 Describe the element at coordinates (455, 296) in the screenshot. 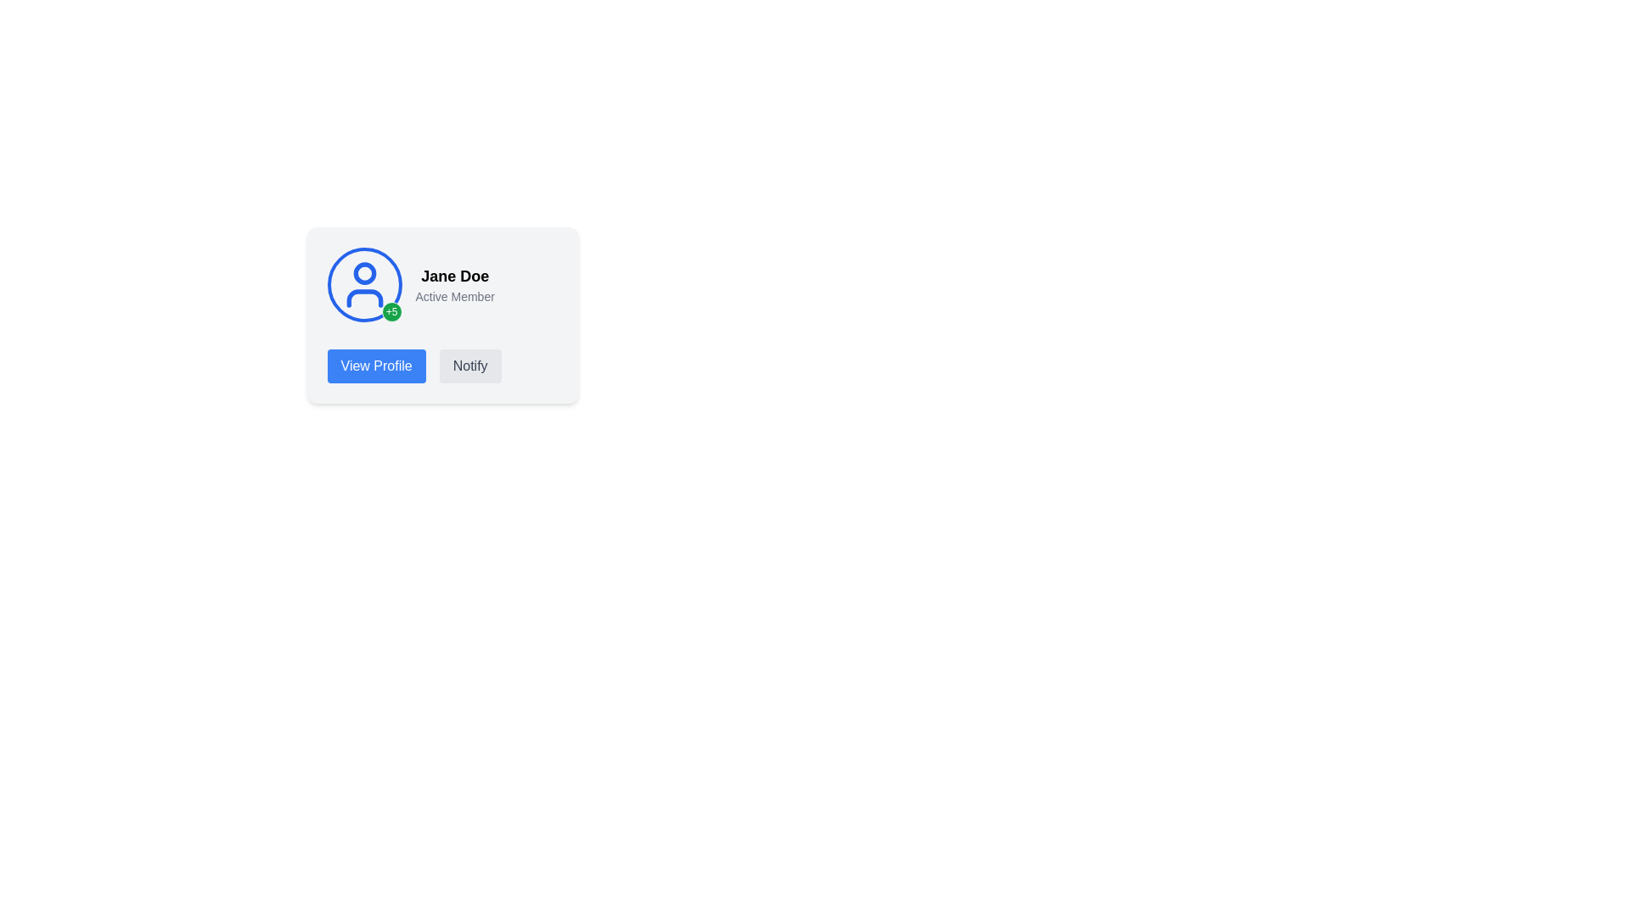

I see `the Text Label indicating the membership status or activity level of the user, located below the name 'Jane Doe' within the profile card section` at that location.